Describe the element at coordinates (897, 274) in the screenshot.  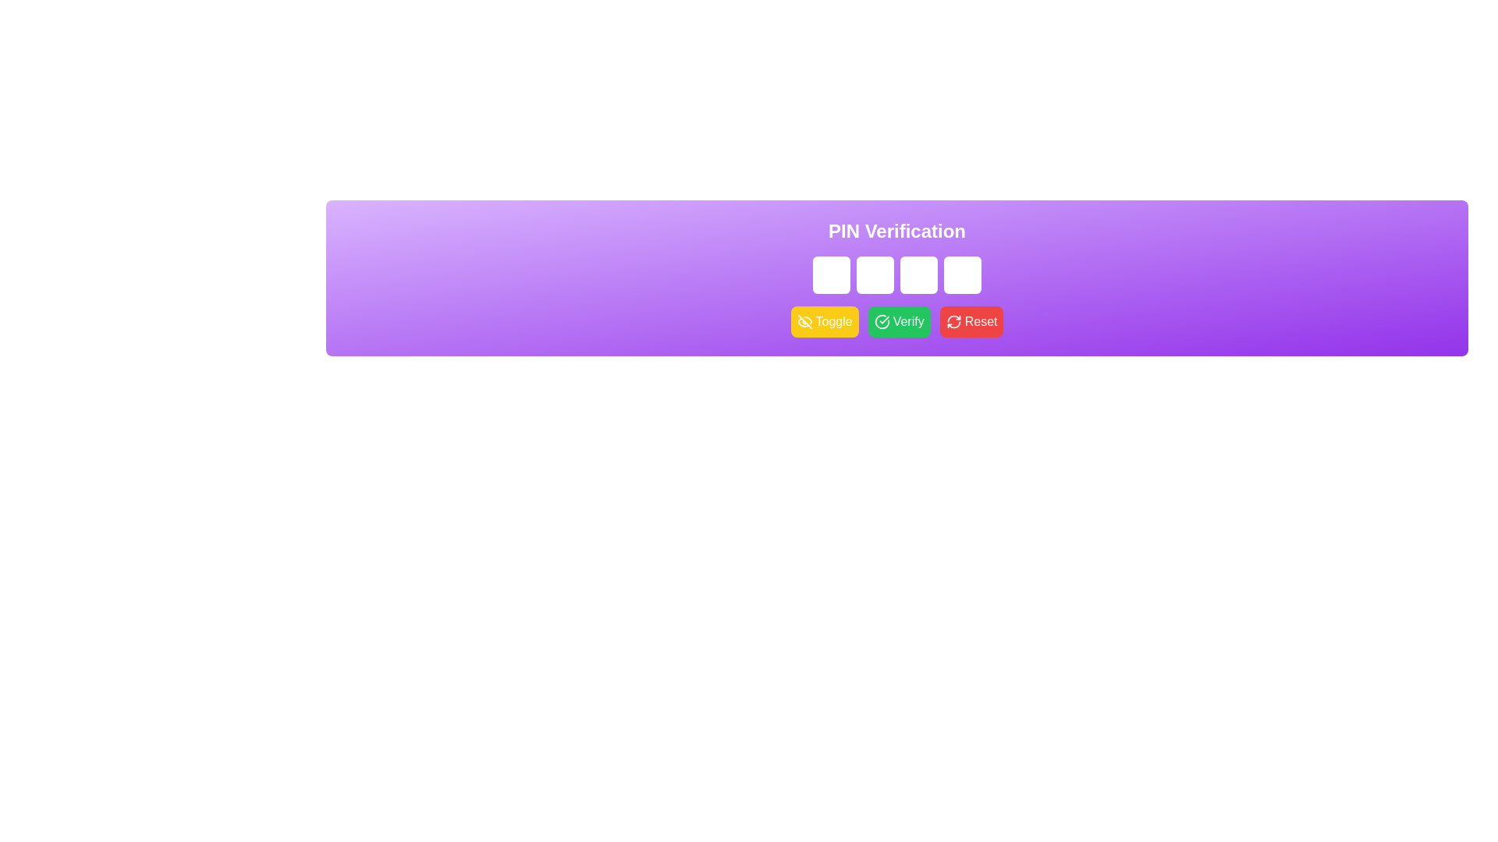
I see `the group of one-character password input boxes located beneath the 'PIN Verification' text` at that location.